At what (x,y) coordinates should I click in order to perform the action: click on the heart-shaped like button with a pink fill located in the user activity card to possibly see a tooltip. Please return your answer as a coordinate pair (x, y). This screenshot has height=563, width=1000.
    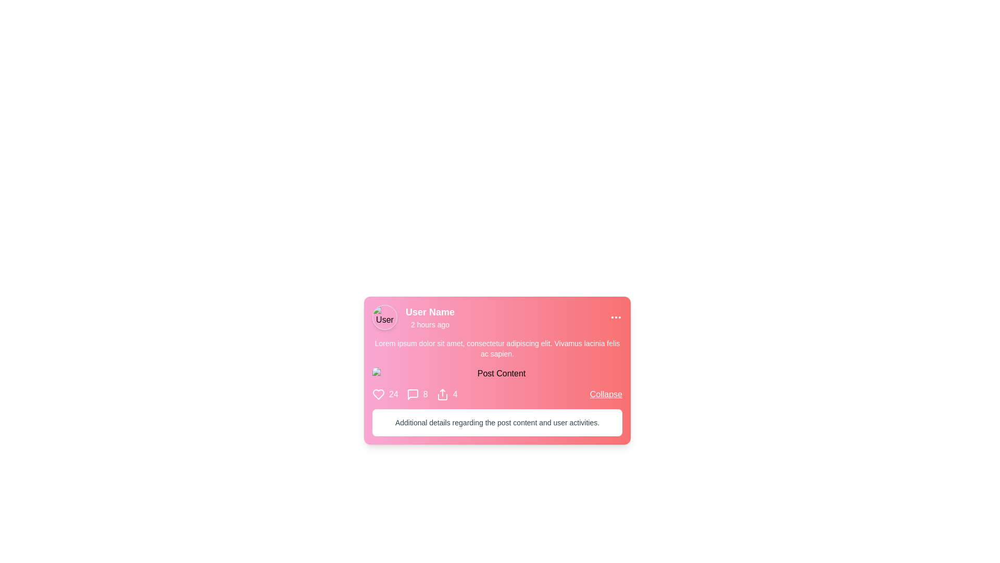
    Looking at the image, I should click on (378, 394).